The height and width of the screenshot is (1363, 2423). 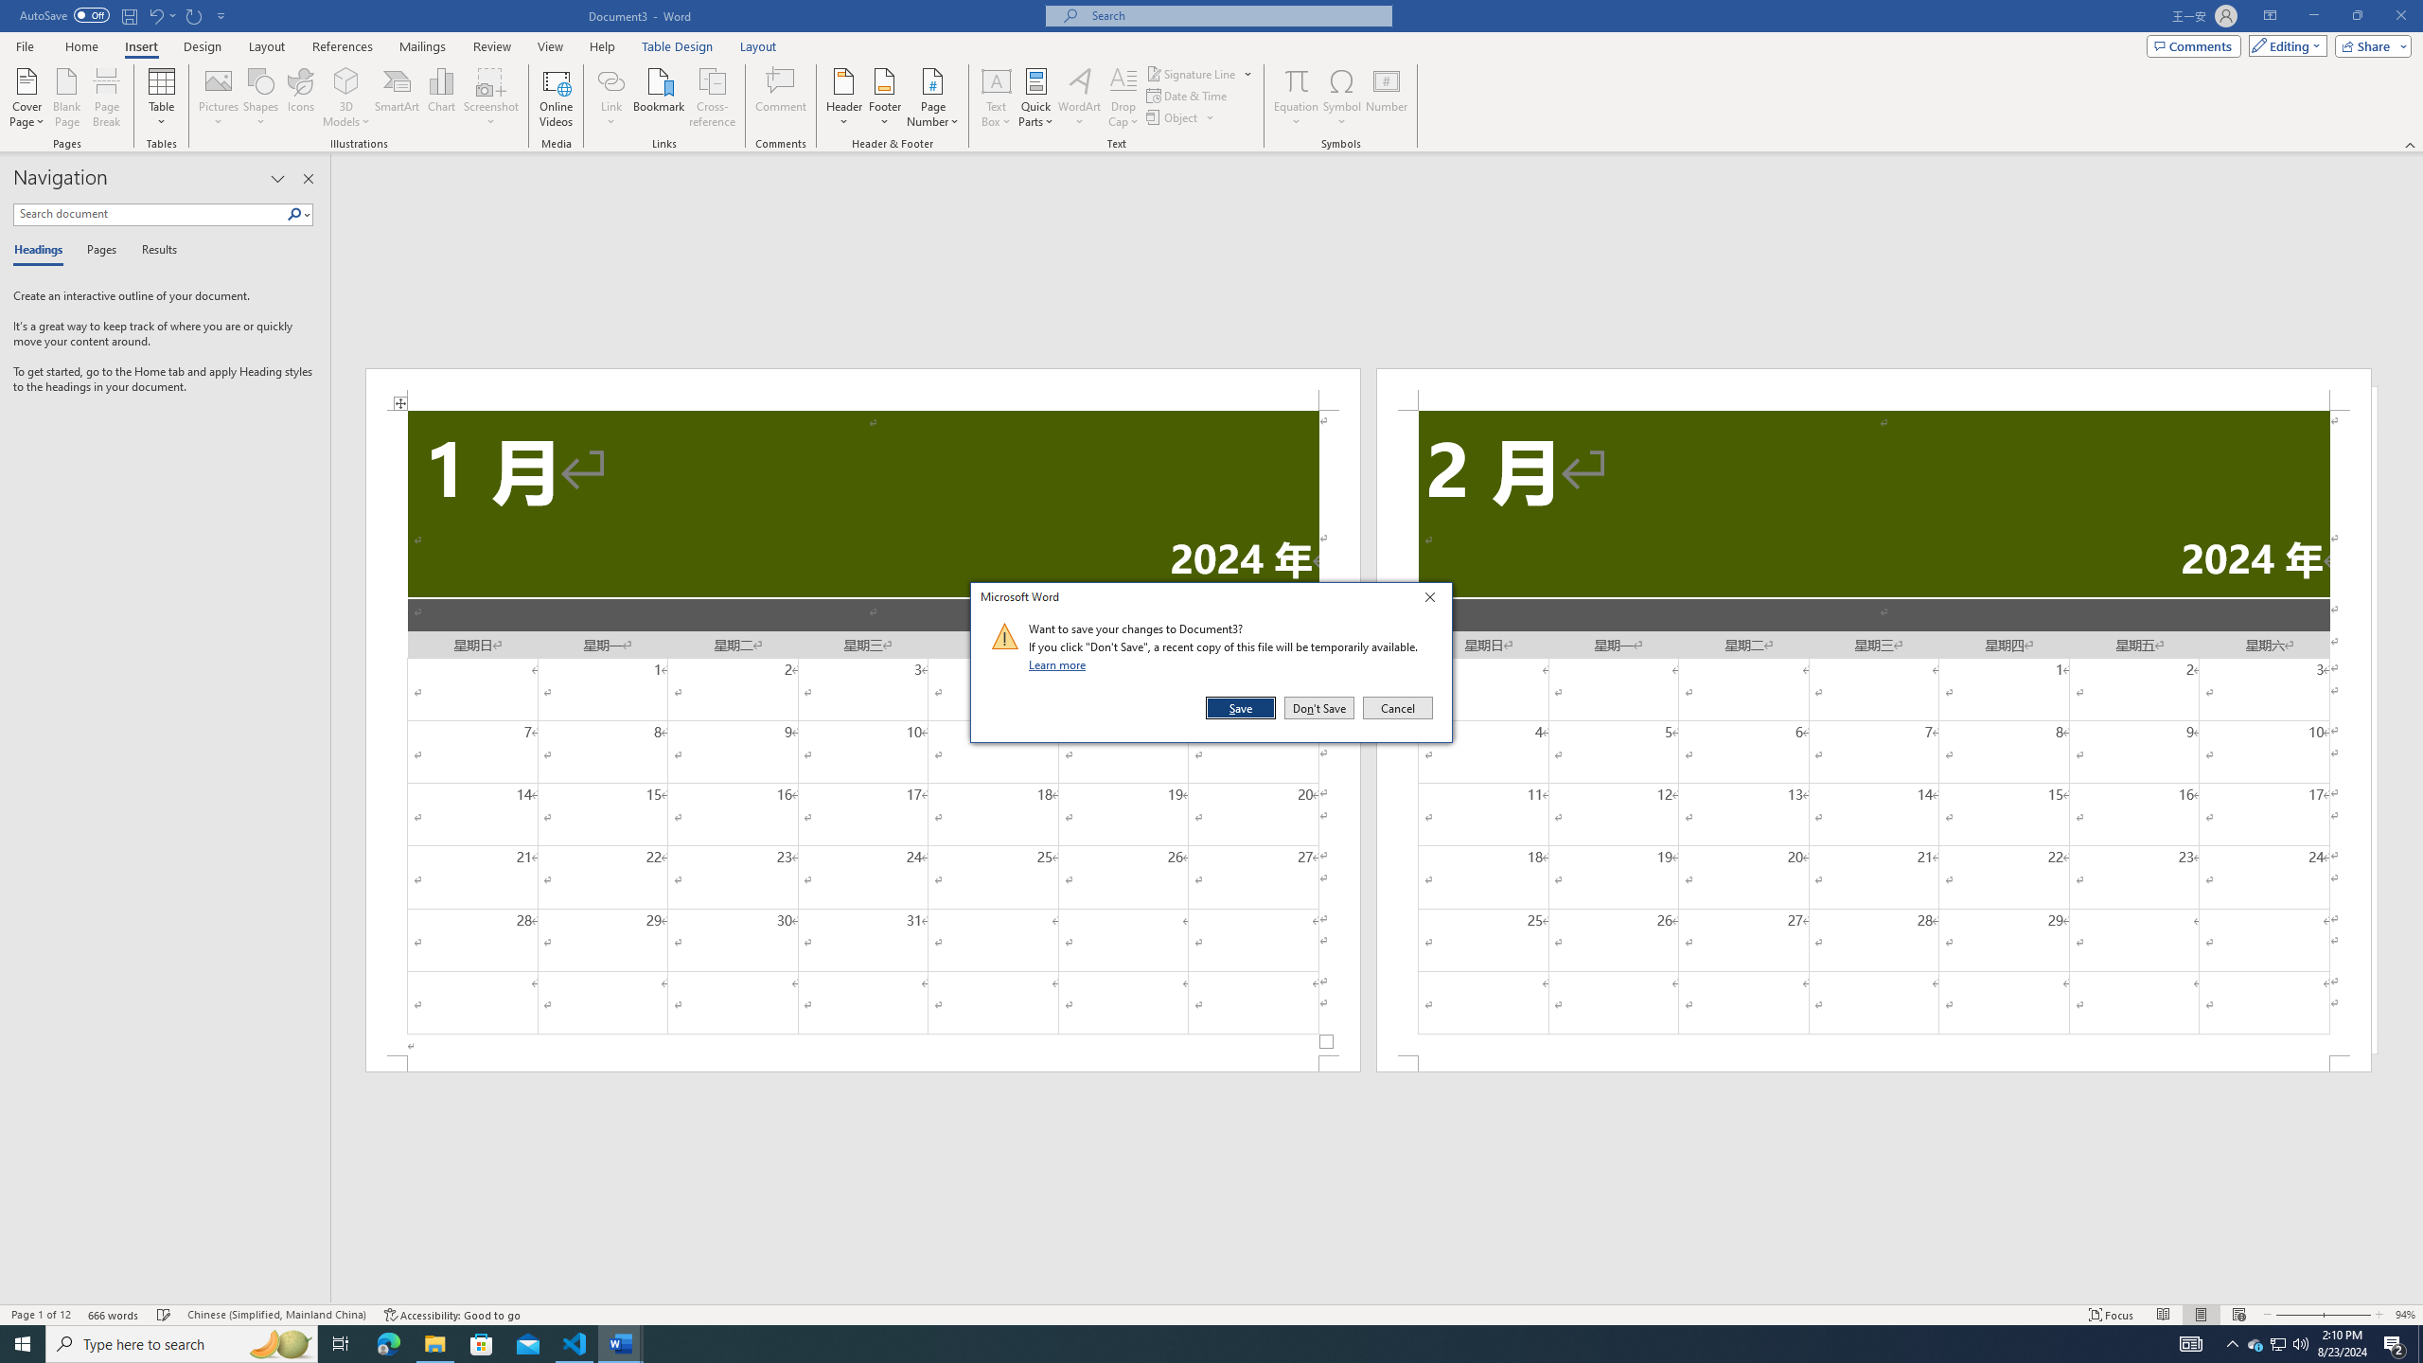 I want to click on 'Symbol', so click(x=1342, y=97).